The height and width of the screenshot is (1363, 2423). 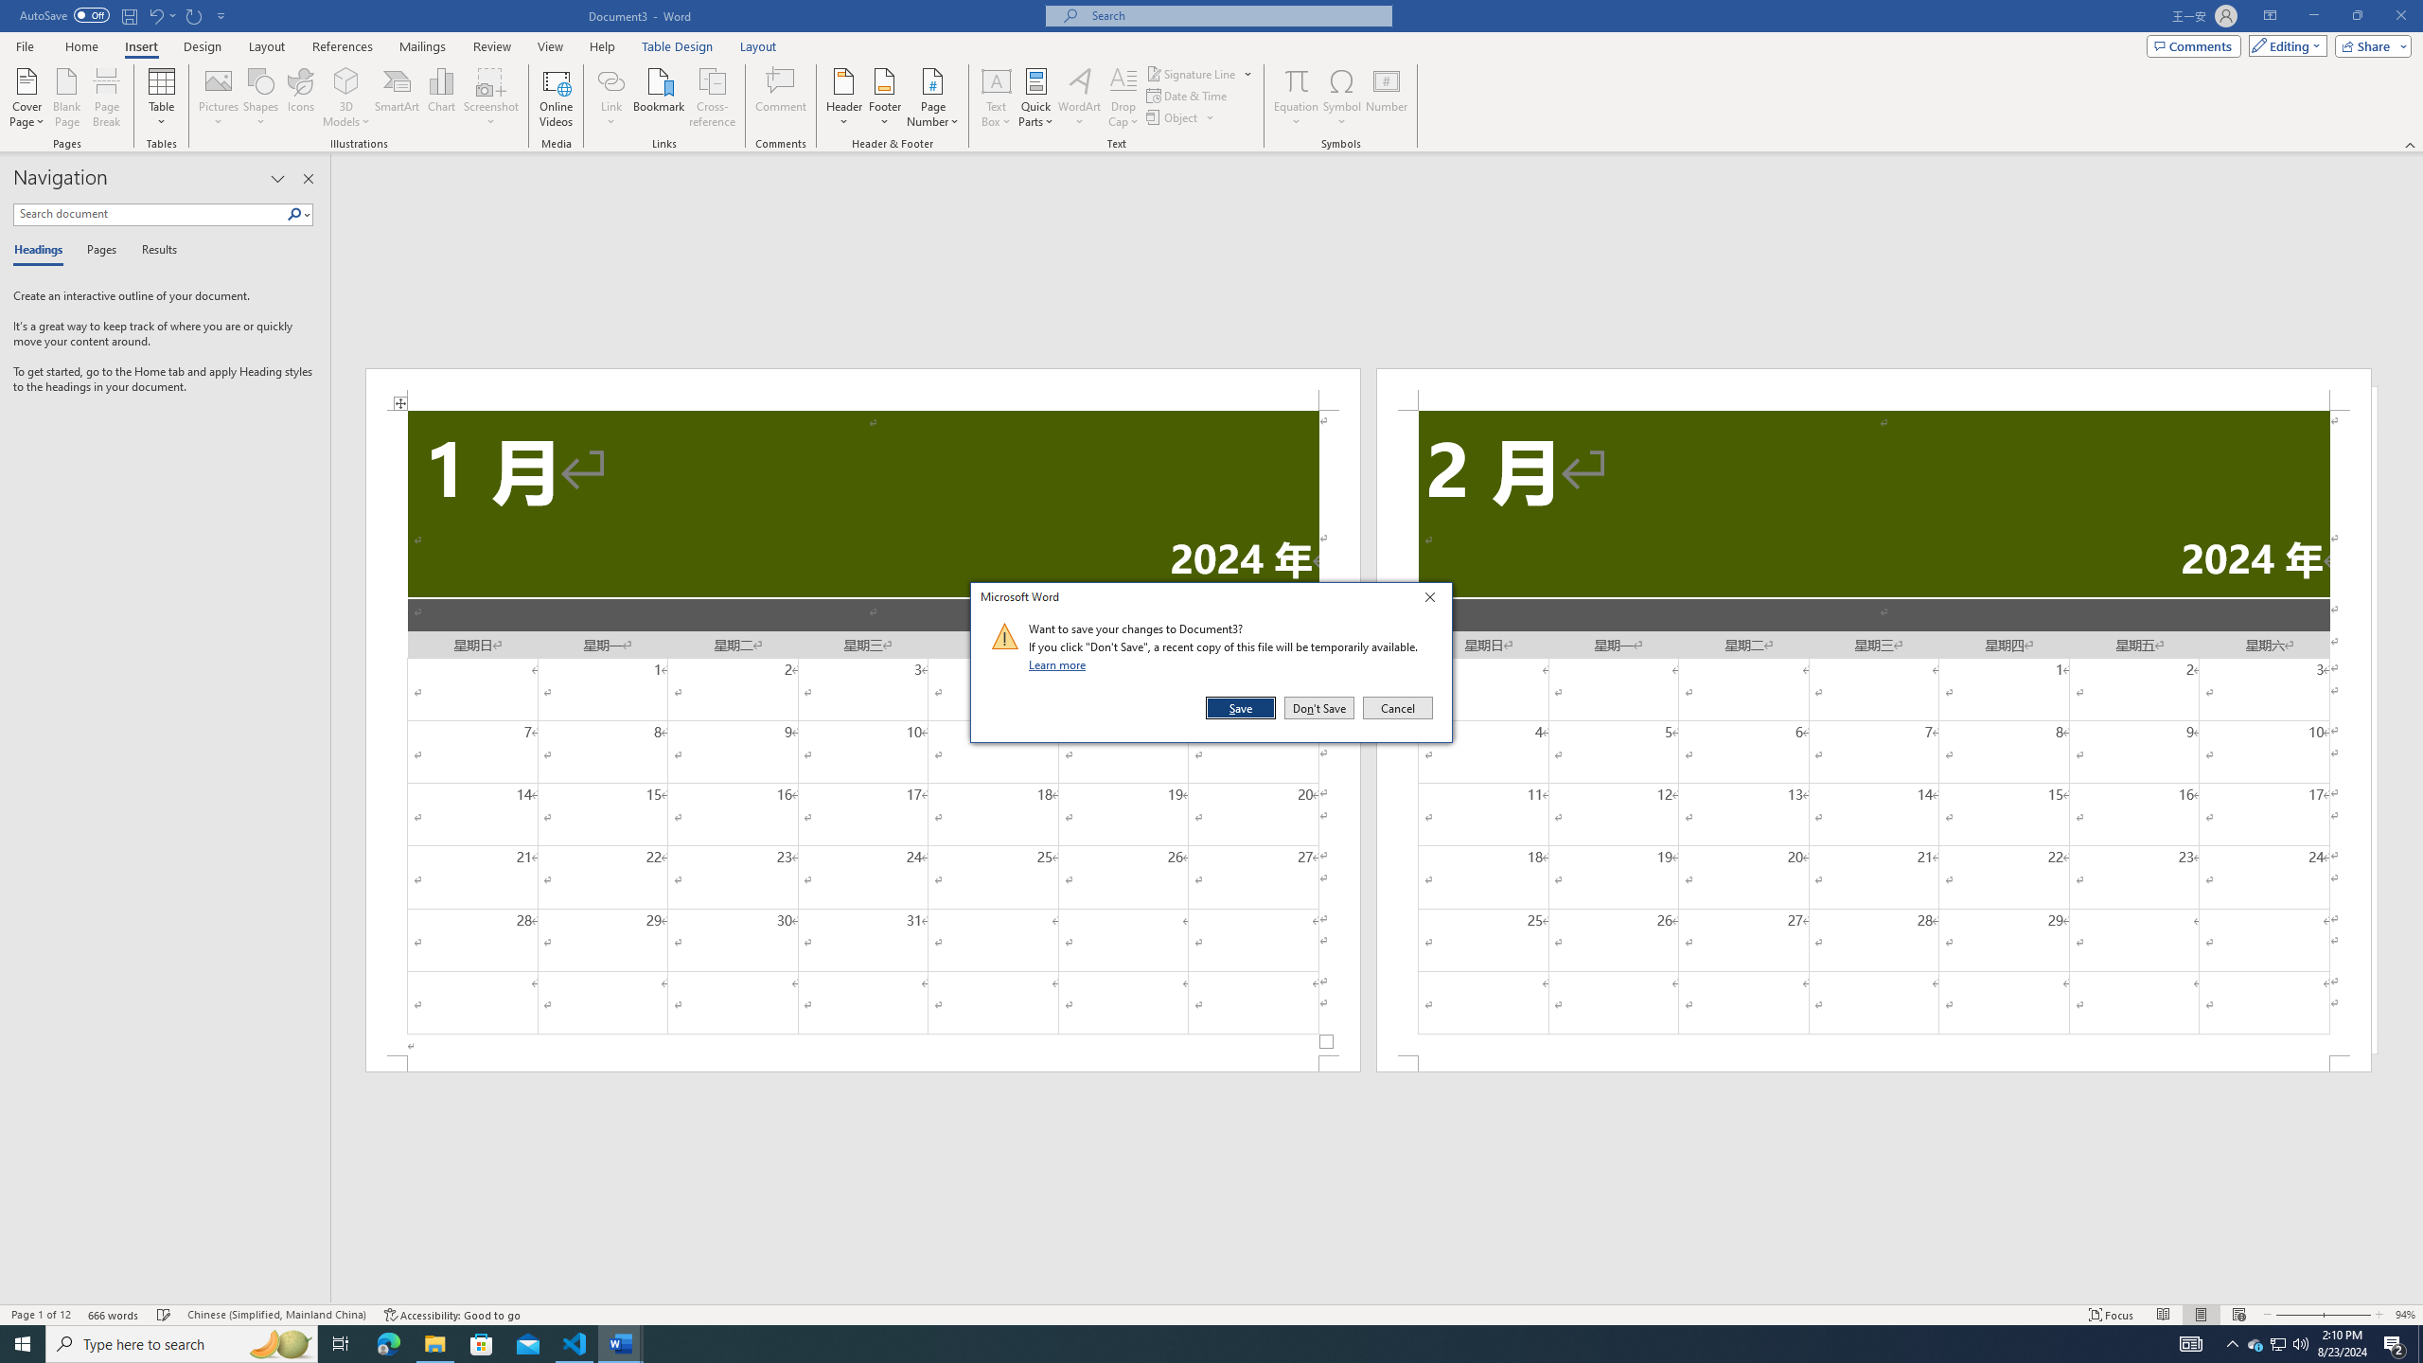 I want to click on 'Symbol', so click(x=1342, y=97).